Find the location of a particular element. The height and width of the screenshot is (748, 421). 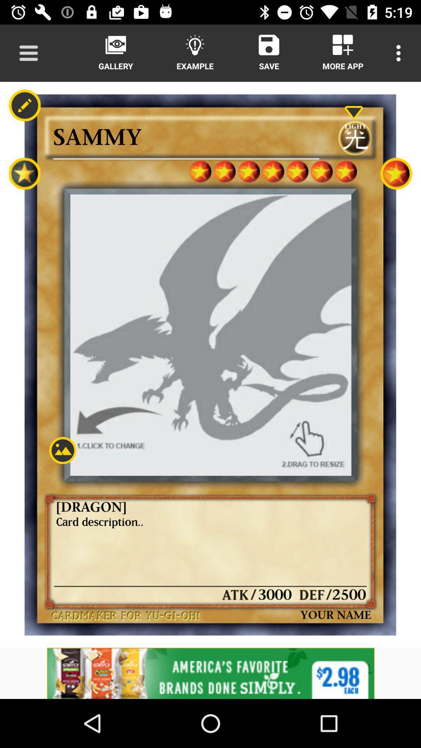

advertisement page is located at coordinates (210, 673).